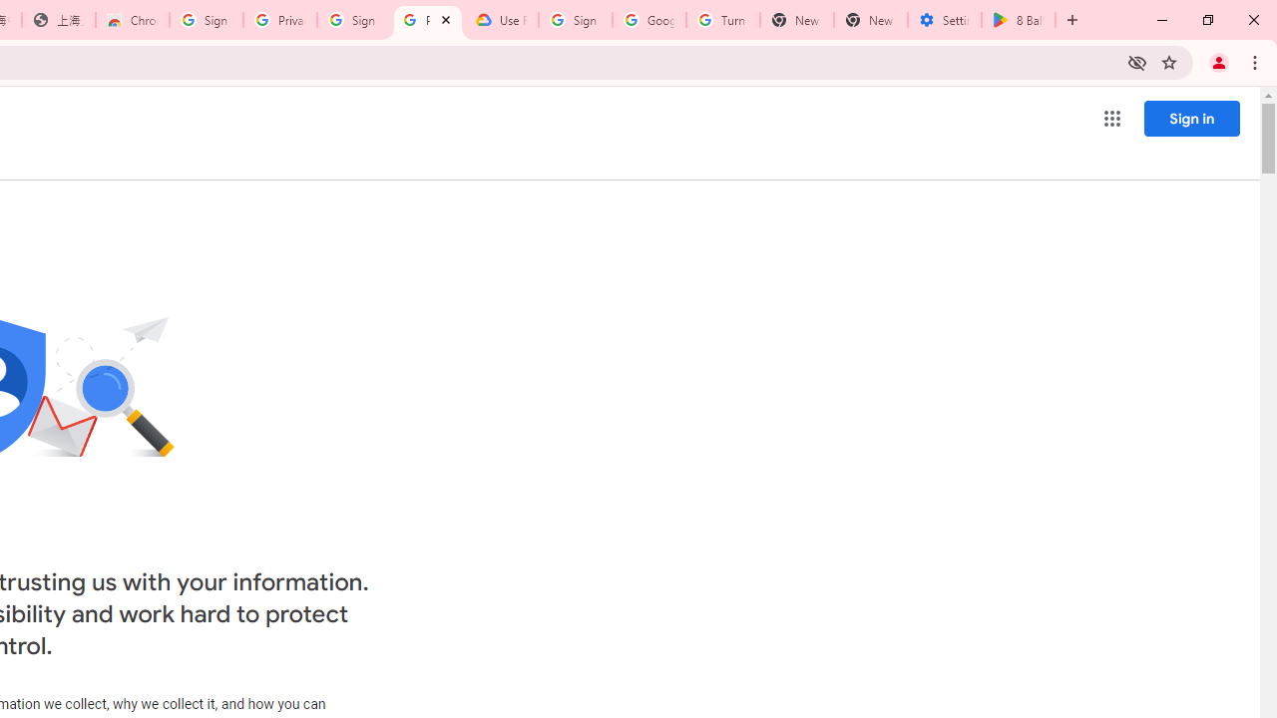 The width and height of the screenshot is (1277, 718). I want to click on 'Google Account Help', so click(649, 20).